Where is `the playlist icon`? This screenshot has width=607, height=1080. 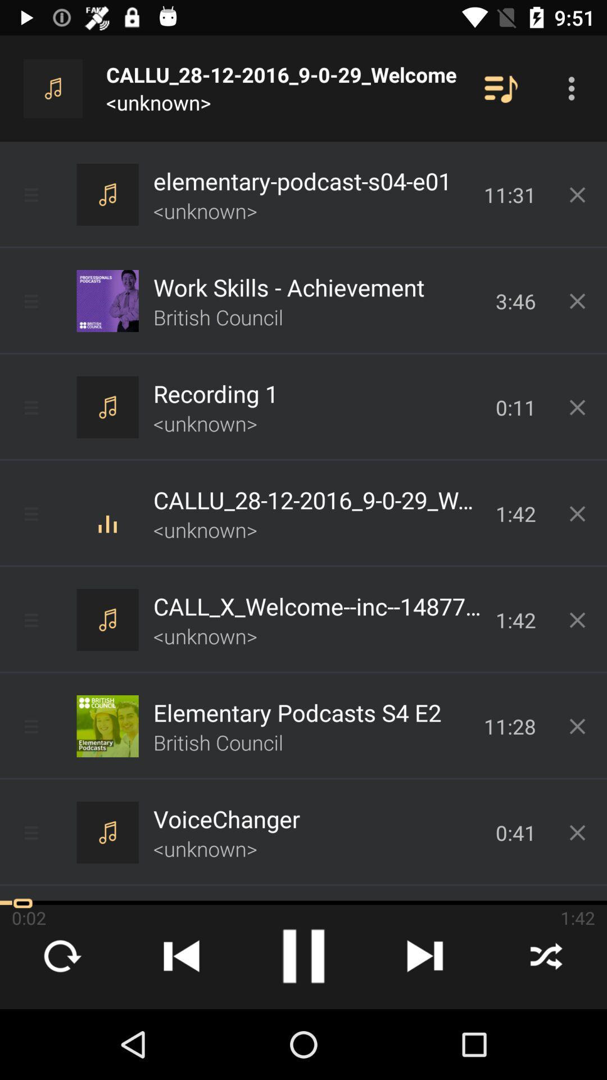 the playlist icon is located at coordinates (500, 88).